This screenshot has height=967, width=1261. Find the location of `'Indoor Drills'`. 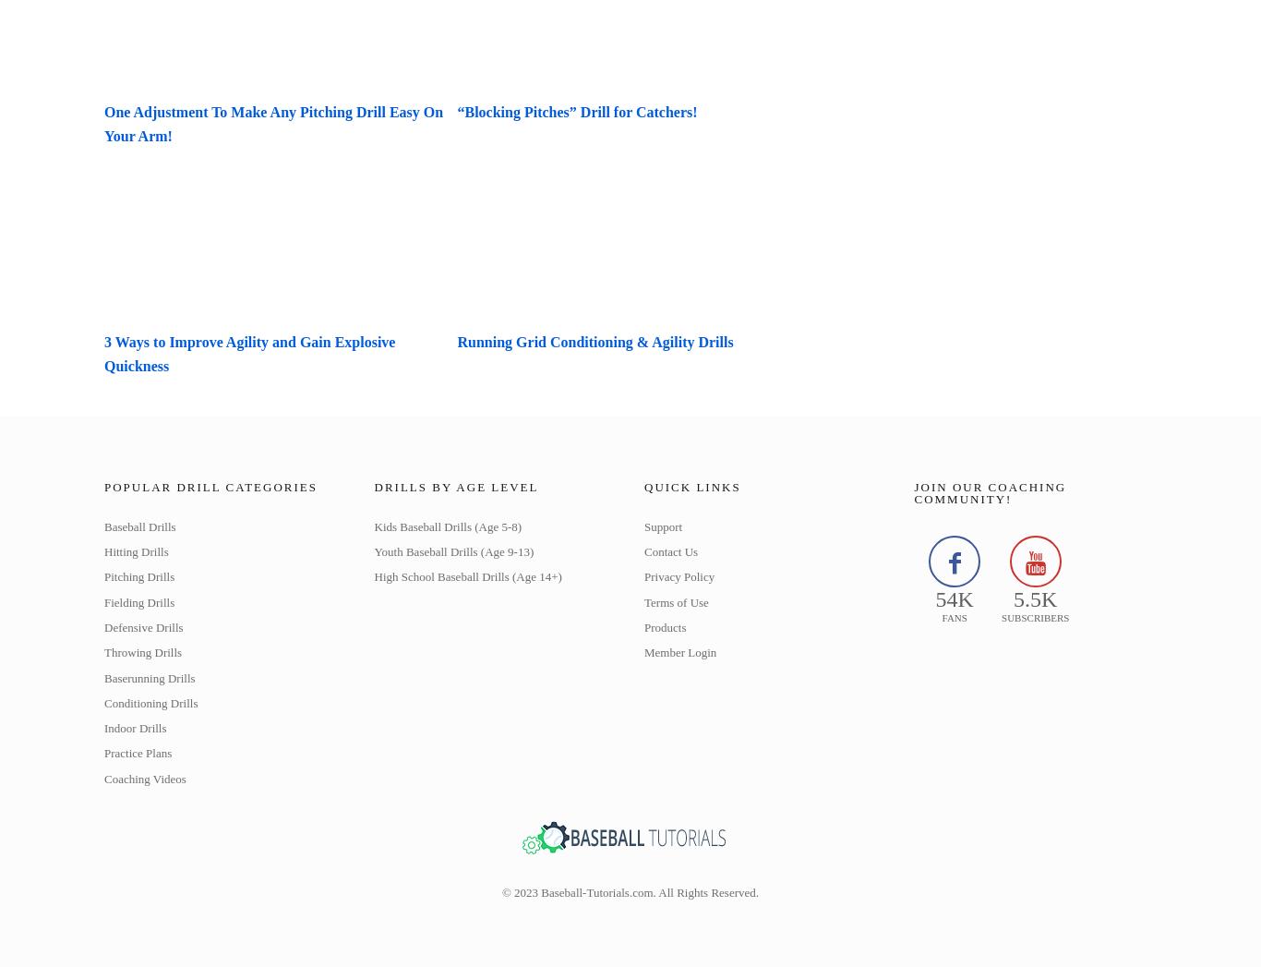

'Indoor Drills' is located at coordinates (134, 727).